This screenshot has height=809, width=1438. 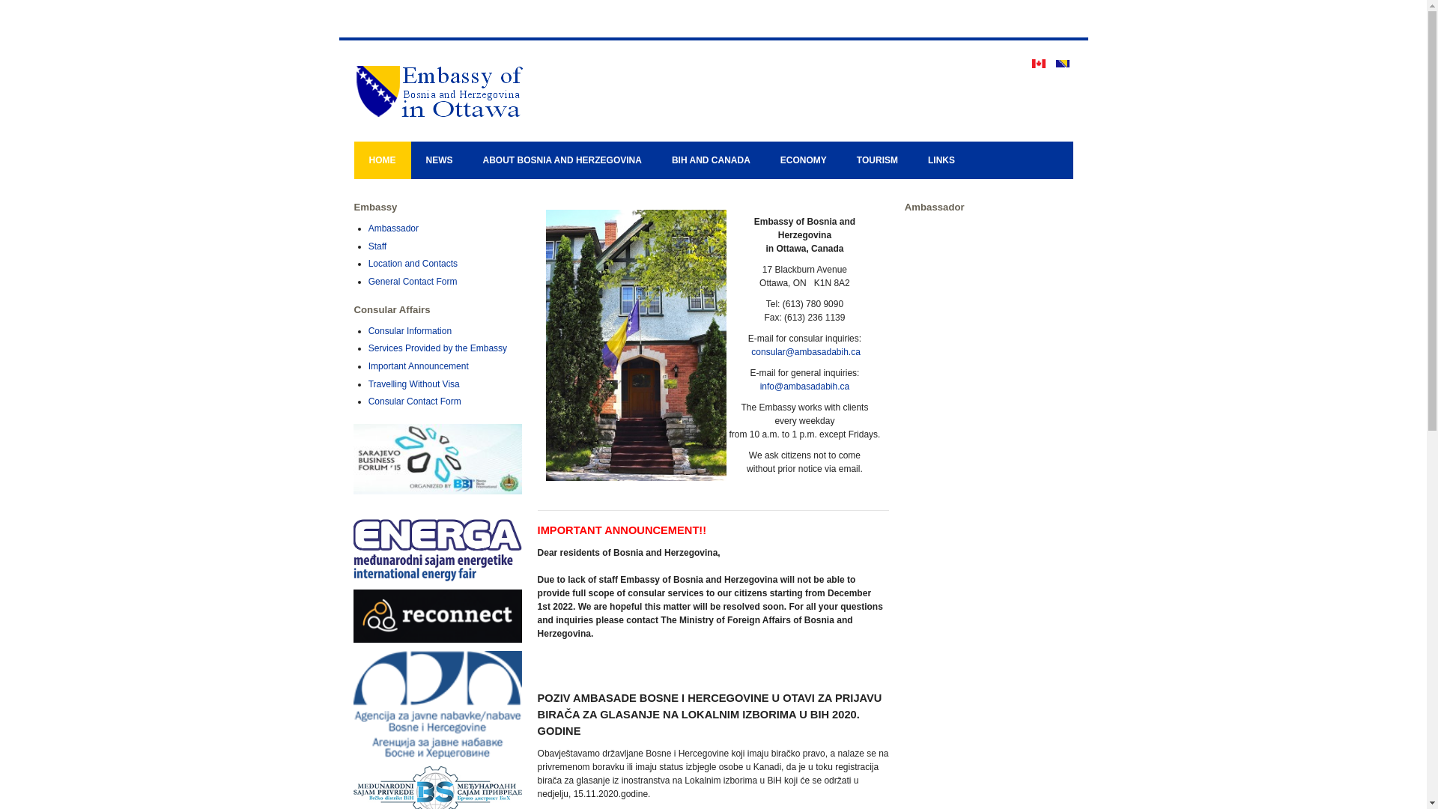 I want to click on 'Travelling Without Visa', so click(x=368, y=384).